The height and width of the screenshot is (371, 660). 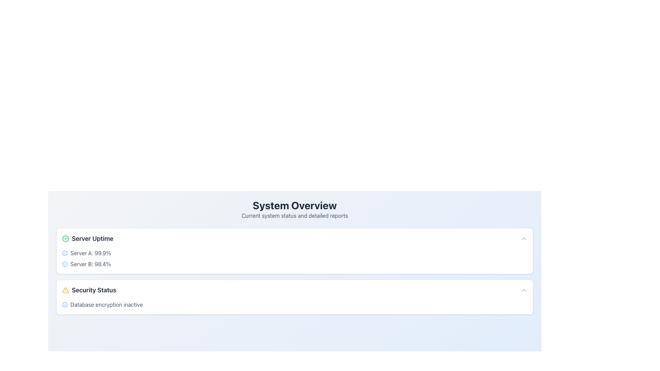 What do you see at coordinates (65, 304) in the screenshot?
I see `the circular shape with a blue border and white fill, which serves as a visual marker for the 'Server Uptime' section` at bounding box center [65, 304].